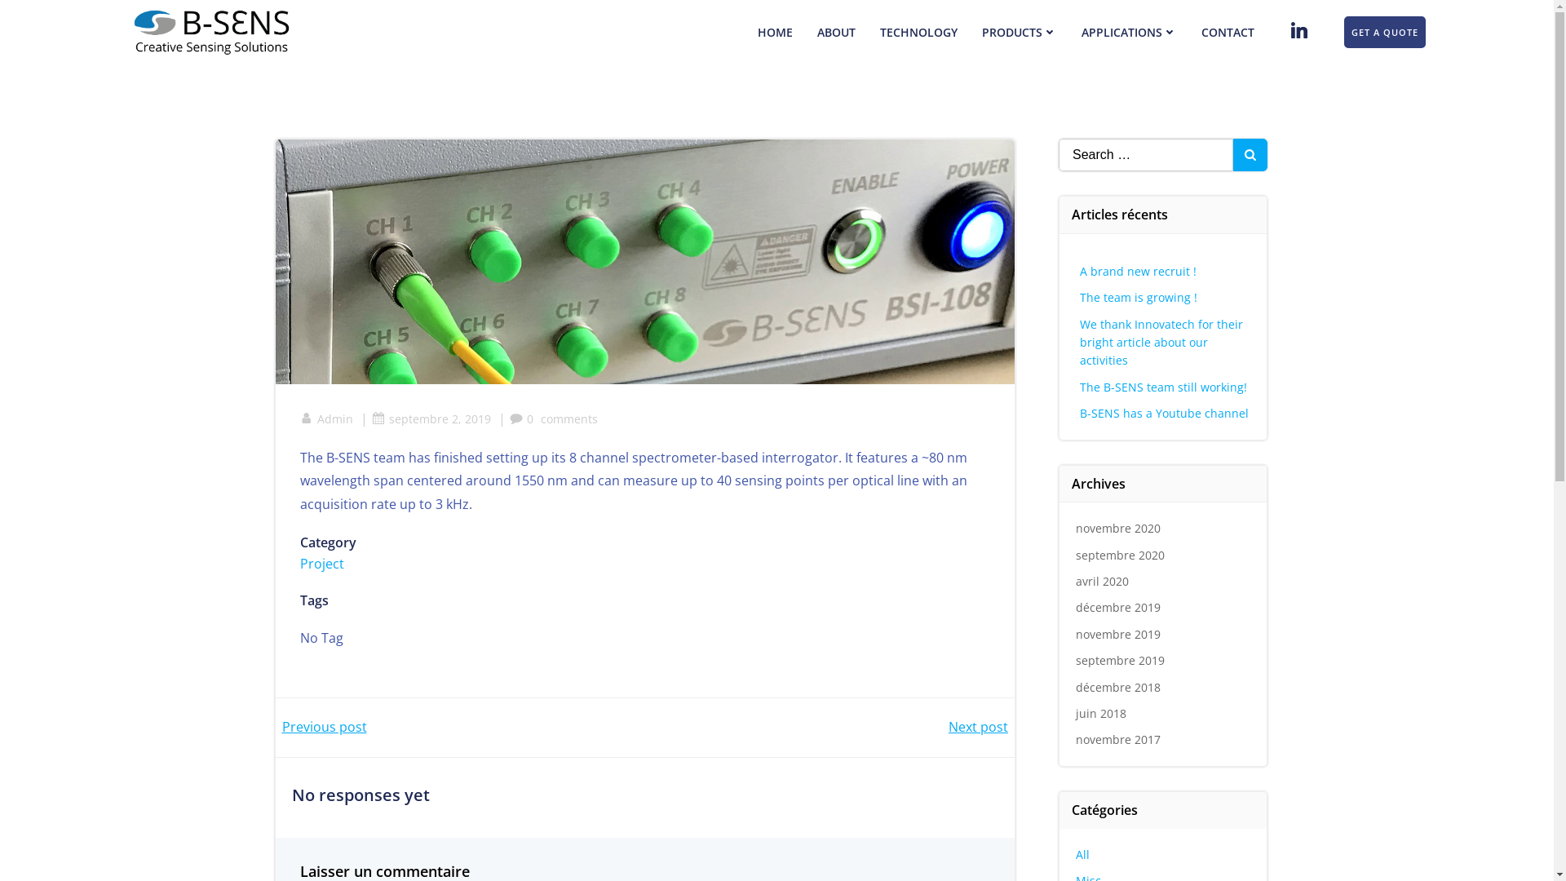 The image size is (1566, 881). I want to click on 'Previous post', so click(325, 726).